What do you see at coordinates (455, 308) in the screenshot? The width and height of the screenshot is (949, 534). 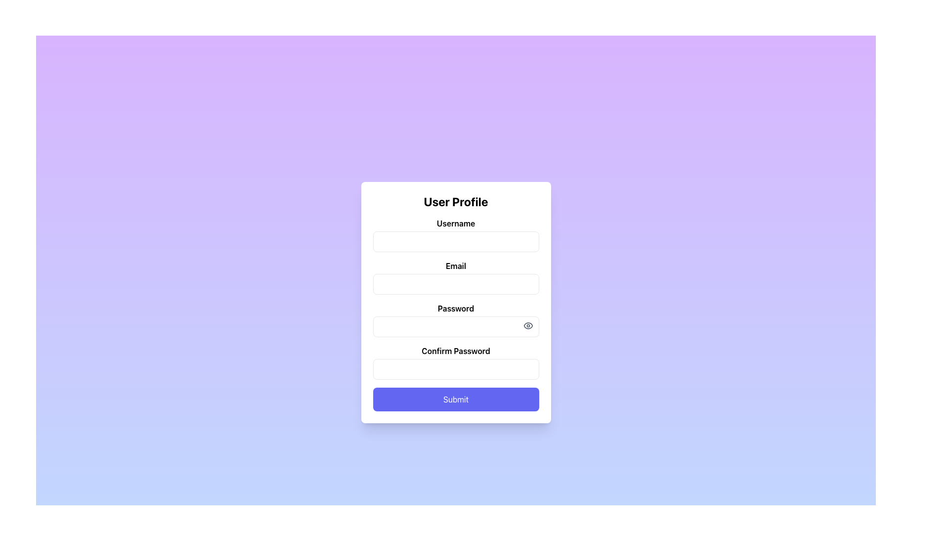 I see `the text label indicating the password input field, which is positioned above the password entry box in the form, located between the 'Email' and 'Confirm Password' fields` at bounding box center [455, 308].